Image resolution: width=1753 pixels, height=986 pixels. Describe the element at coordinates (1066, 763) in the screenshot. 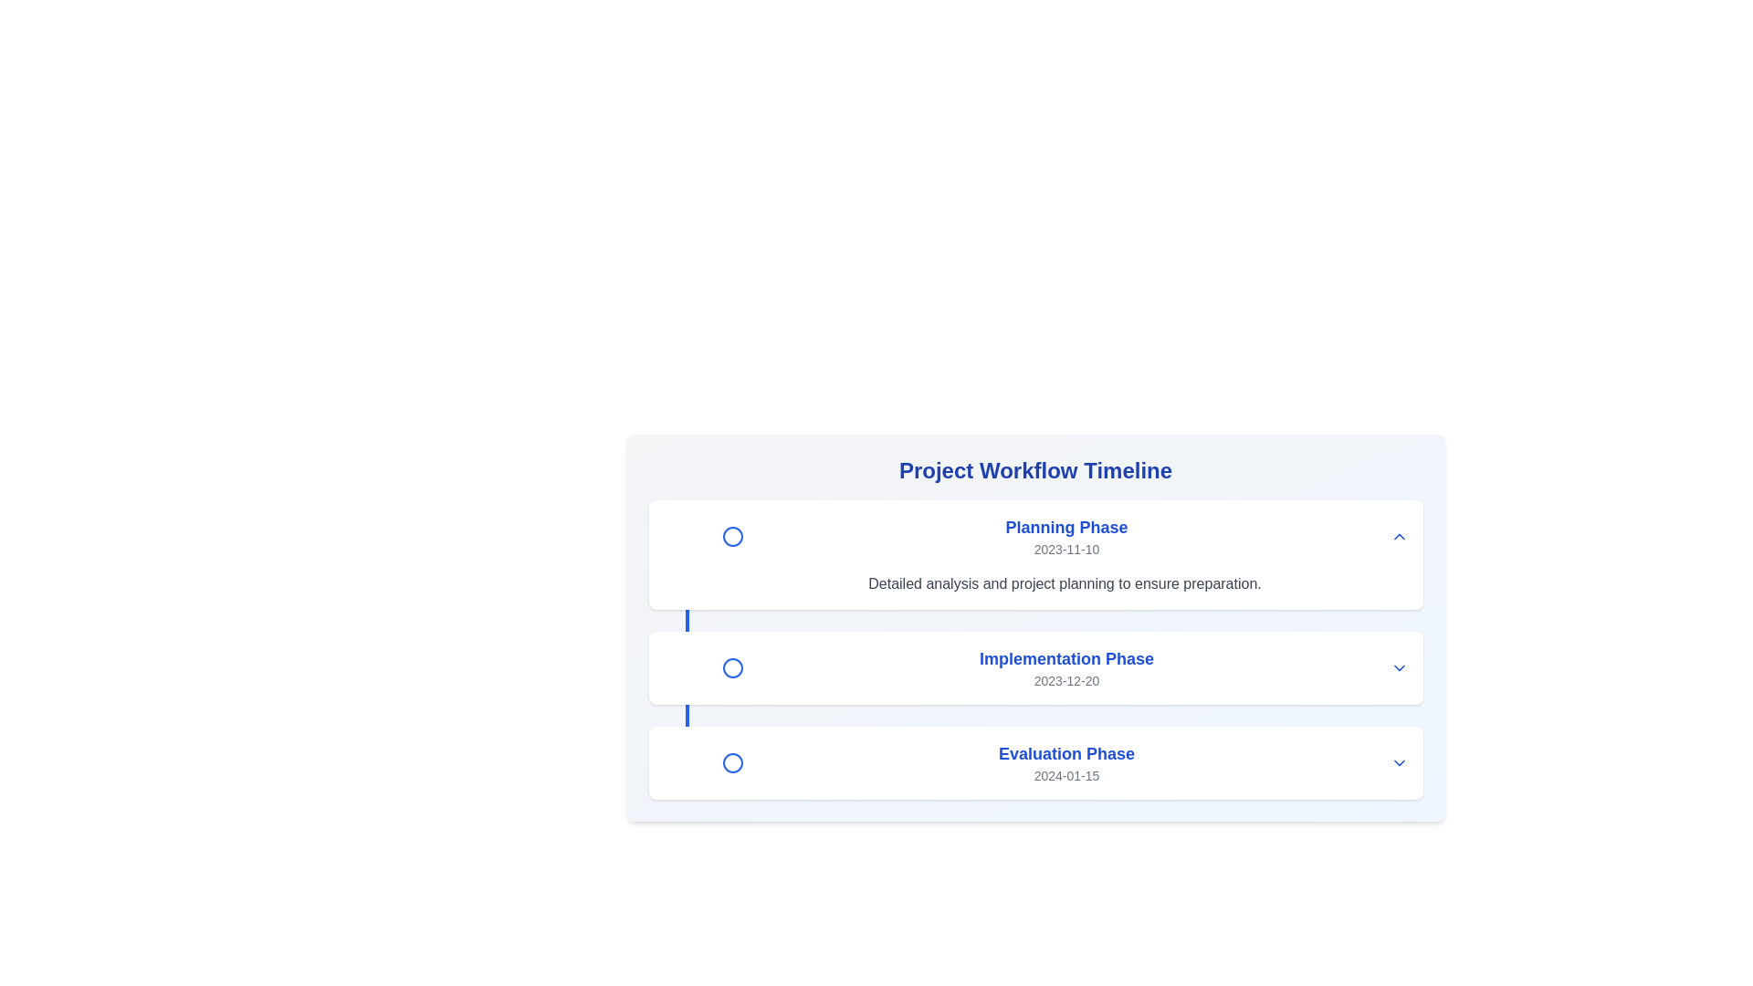

I see `the text label indicating the specific phase of a project timeline, which is the third item in the vertical list following 'Planning Phase' and 'Implementation Phase'` at that location.